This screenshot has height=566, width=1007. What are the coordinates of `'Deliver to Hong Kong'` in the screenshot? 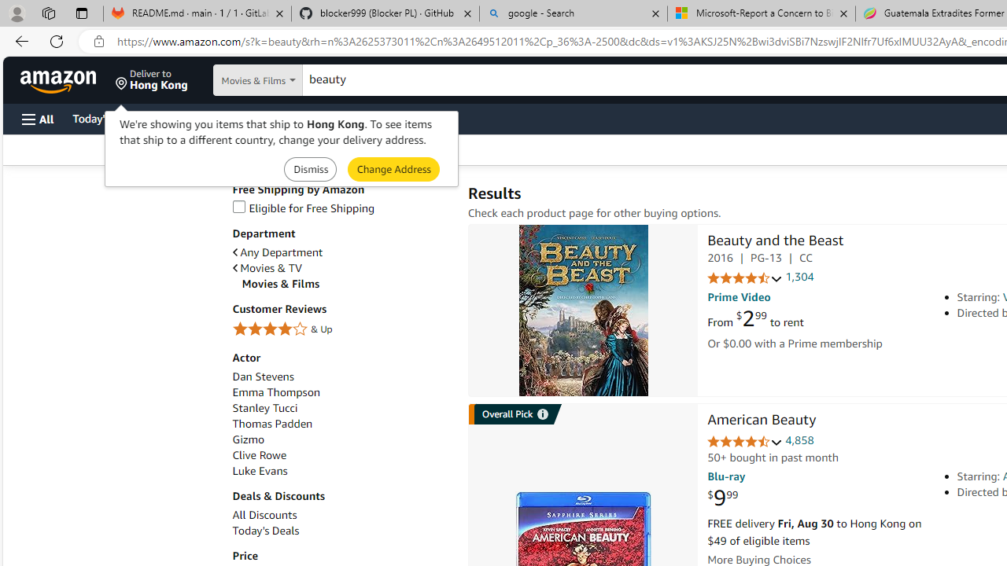 It's located at (152, 79).